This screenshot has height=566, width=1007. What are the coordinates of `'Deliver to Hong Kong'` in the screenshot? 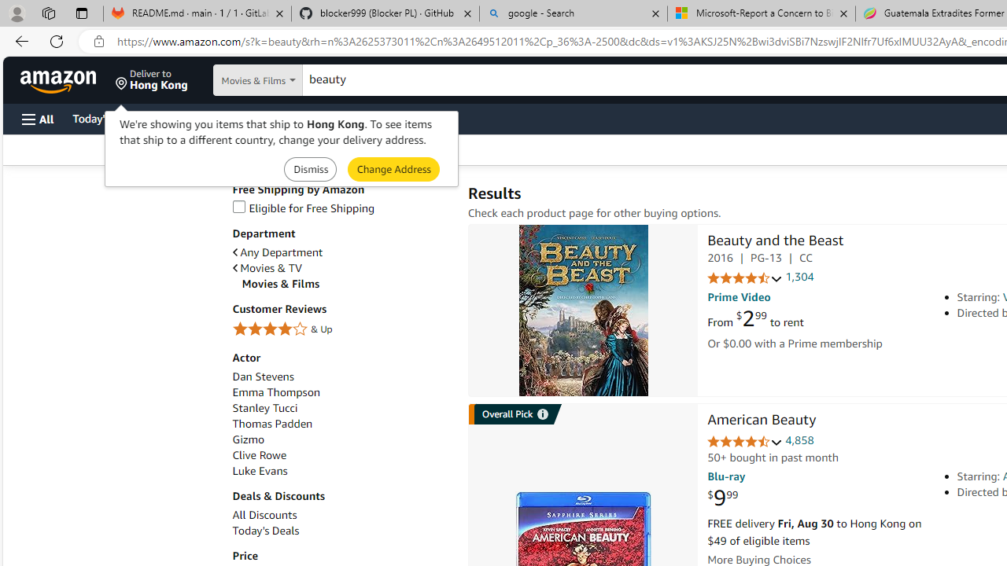 It's located at (152, 79).